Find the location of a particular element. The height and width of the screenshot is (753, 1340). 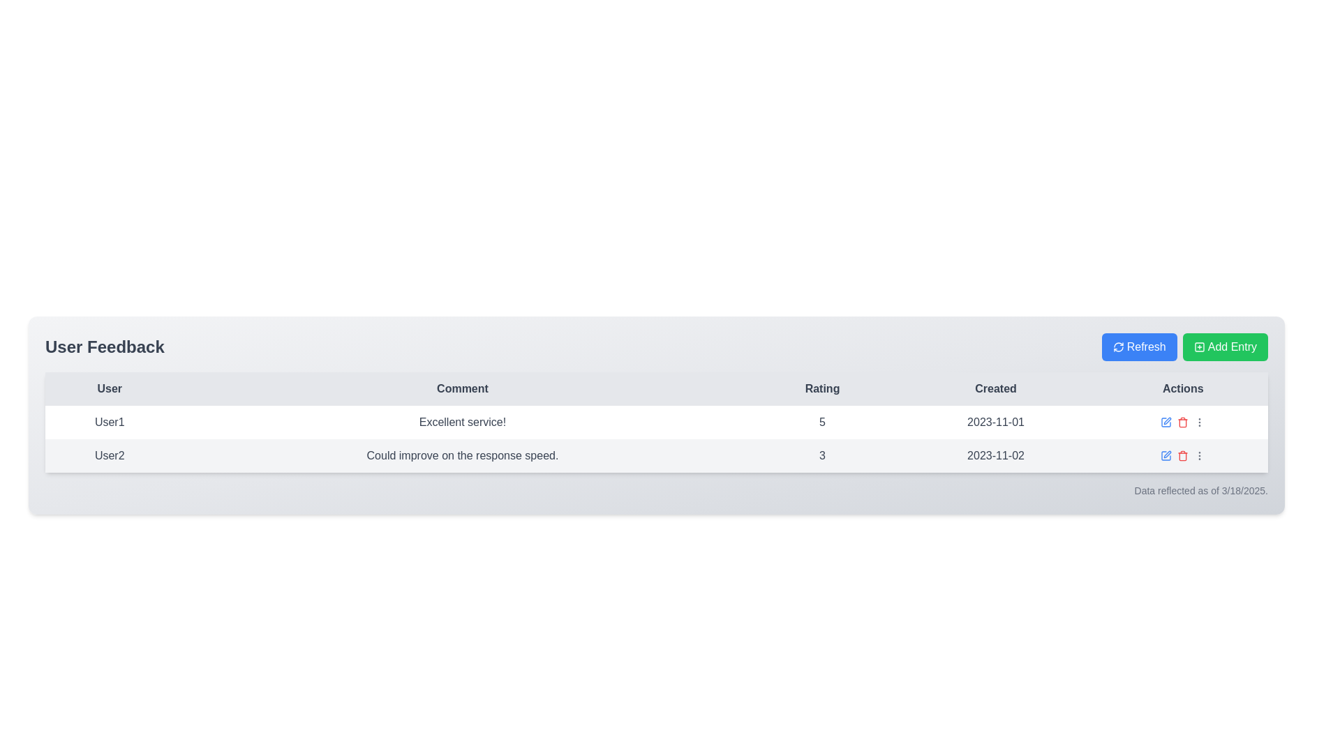

the 'Add Entry' button located in the top right corner of the displayed section above the table, which features an icon to the left of the text 'Add Entry' is located at coordinates (1198, 346).